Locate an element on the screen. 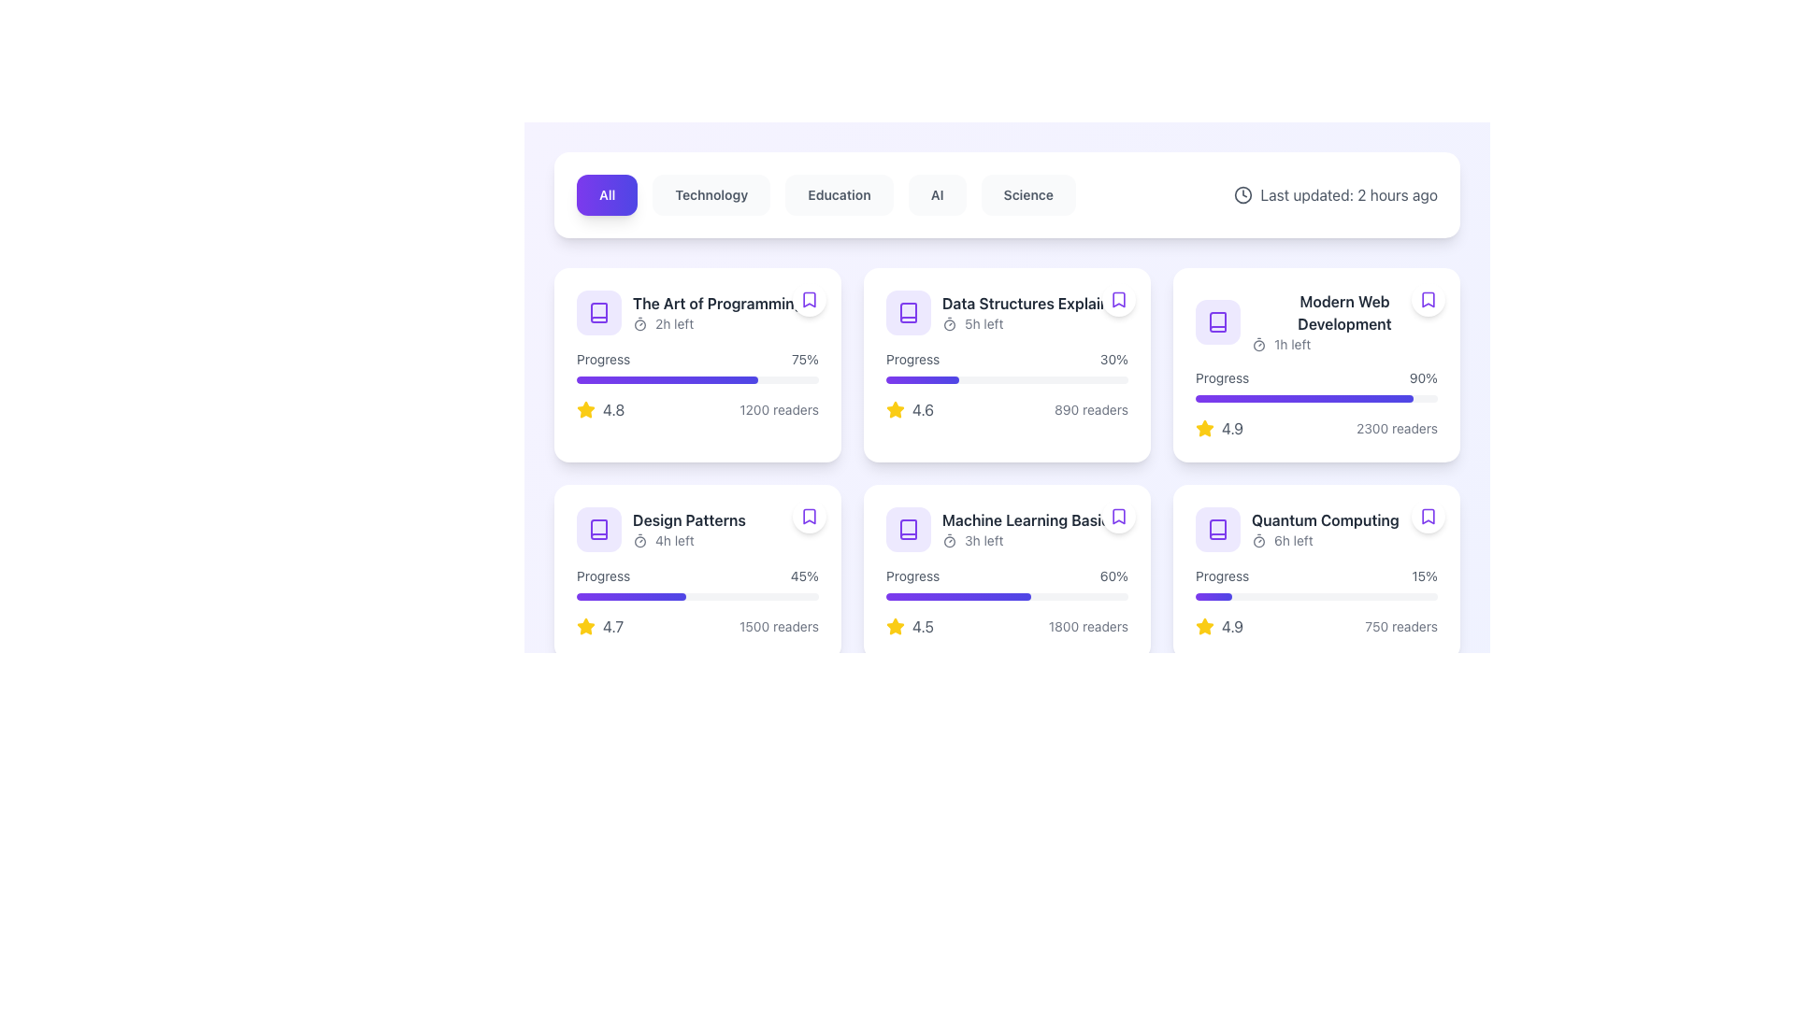 The image size is (1795, 1009). the text label or header titled 'Machine Learning Basics' is located at coordinates (1028, 519).